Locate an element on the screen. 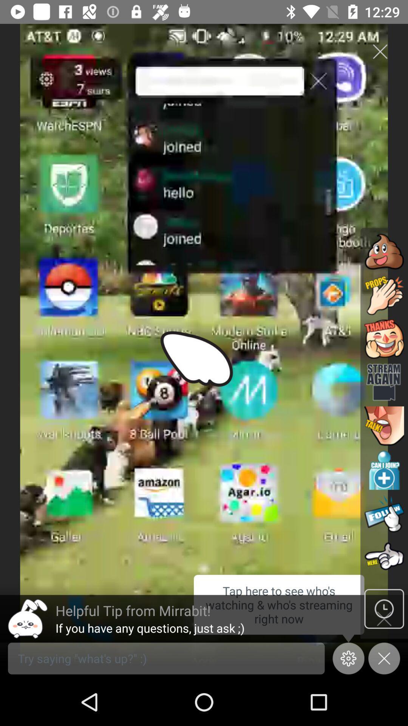 The width and height of the screenshot is (408, 726). the videocam icon is located at coordinates (384, 382).